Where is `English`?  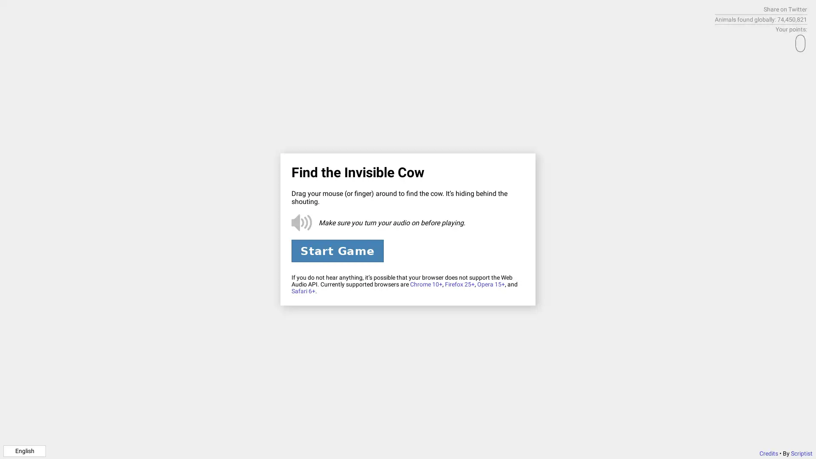 English is located at coordinates (24, 450).